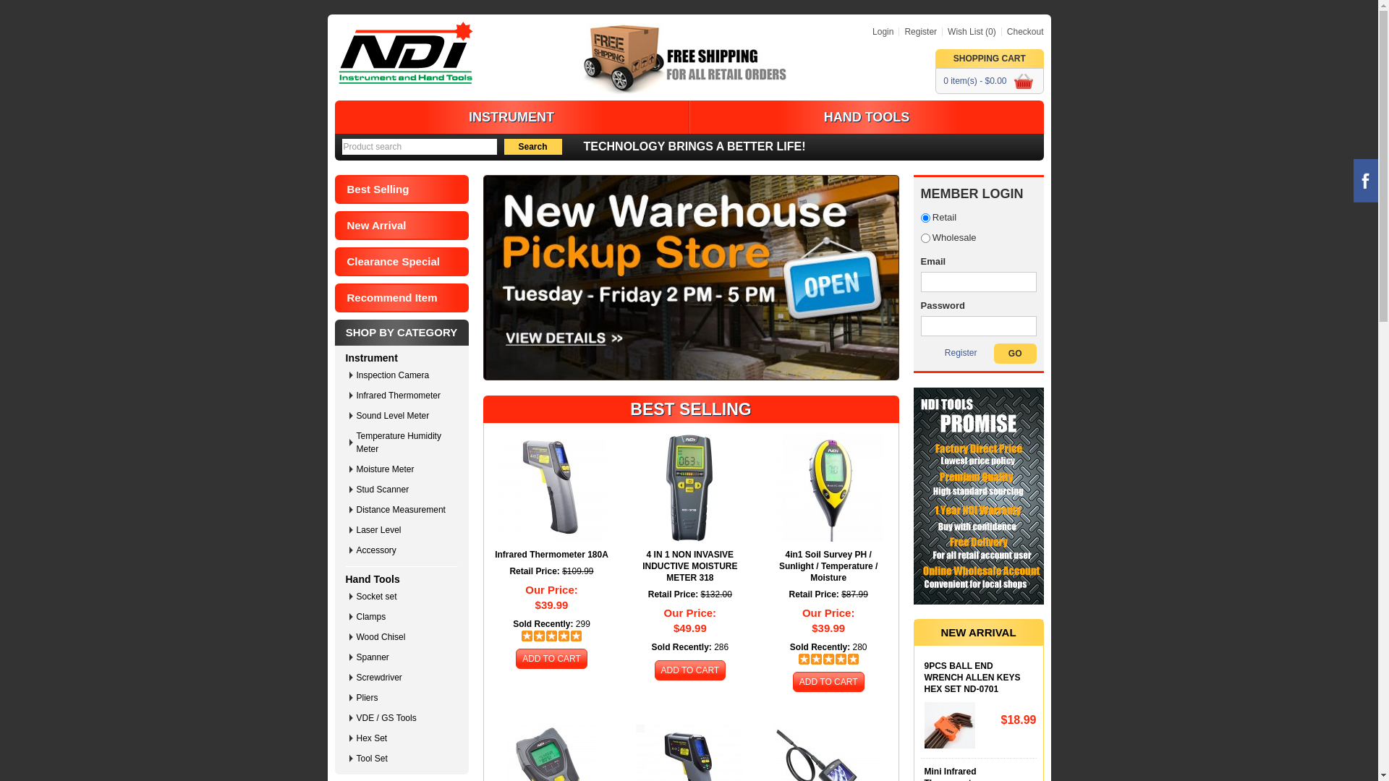  What do you see at coordinates (404, 375) in the screenshot?
I see `'Inspection Camera'` at bounding box center [404, 375].